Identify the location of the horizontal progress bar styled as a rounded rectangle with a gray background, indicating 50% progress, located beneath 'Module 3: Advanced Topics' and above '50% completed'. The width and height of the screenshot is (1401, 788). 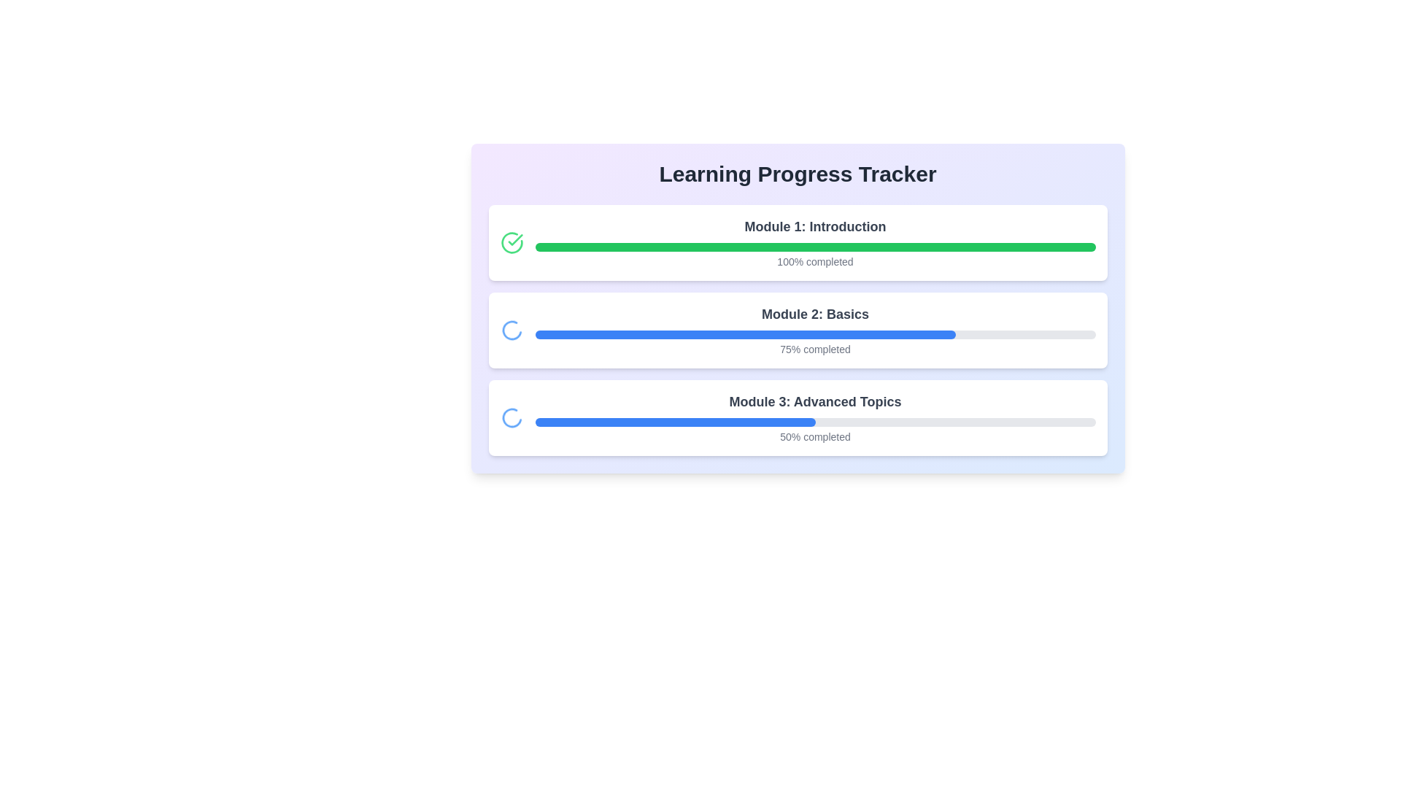
(814, 422).